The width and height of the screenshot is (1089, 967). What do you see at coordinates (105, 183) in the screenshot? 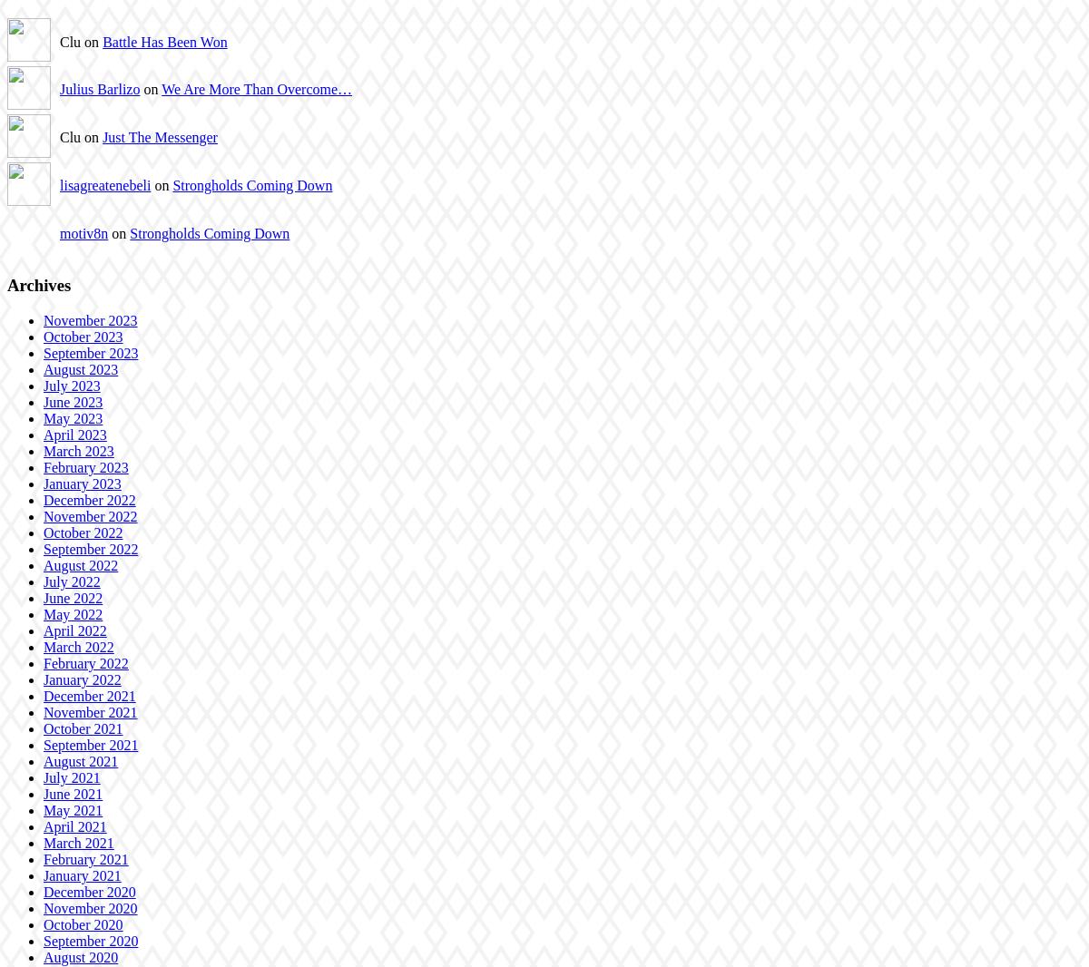
I see `'lisagreatenebeli'` at bounding box center [105, 183].